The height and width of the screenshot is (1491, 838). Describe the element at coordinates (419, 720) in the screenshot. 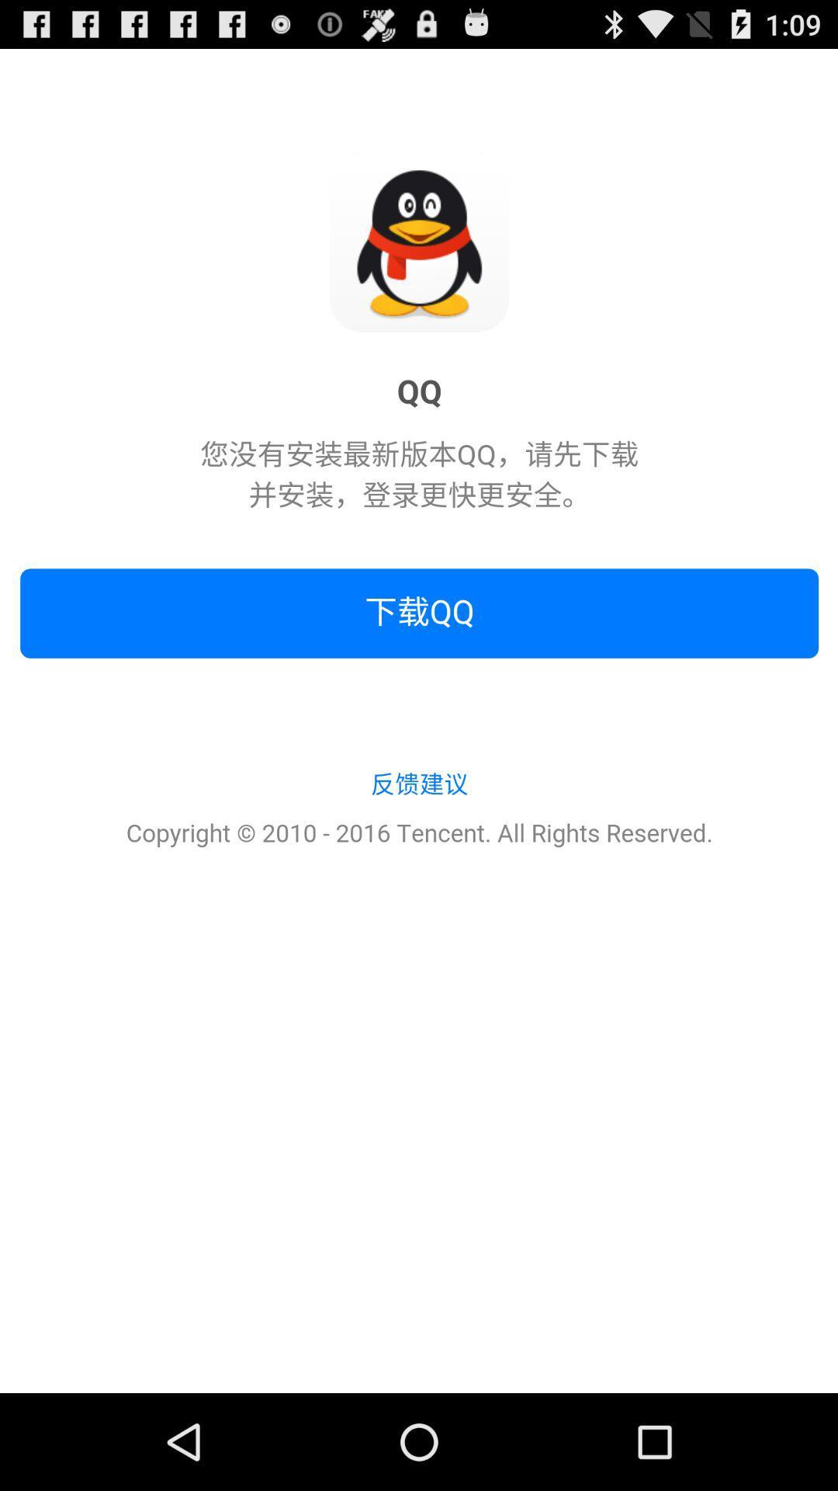

I see `the icon at the center` at that location.